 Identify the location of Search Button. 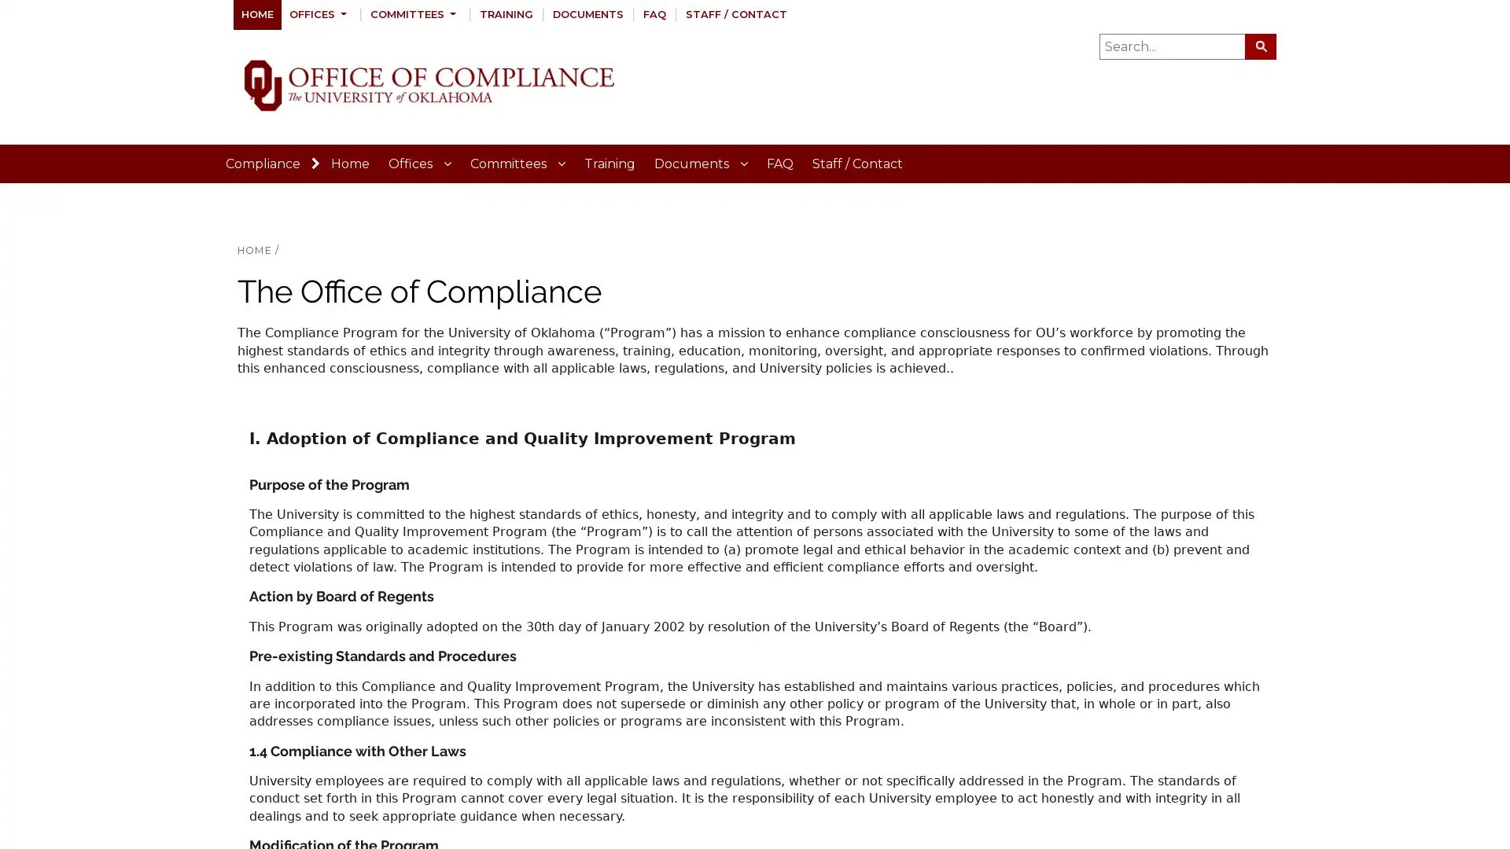
(1261, 45).